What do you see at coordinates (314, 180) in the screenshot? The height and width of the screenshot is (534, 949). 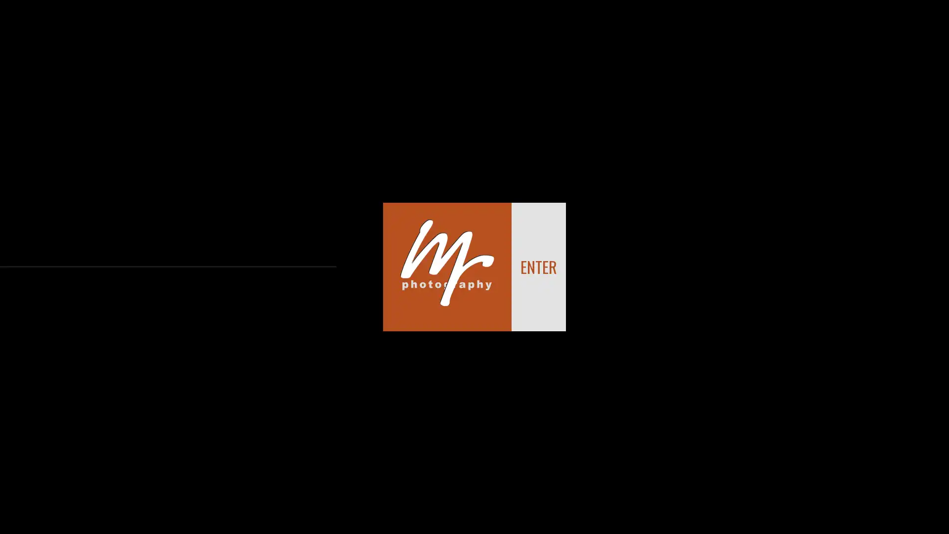 I see `Clear` at bounding box center [314, 180].